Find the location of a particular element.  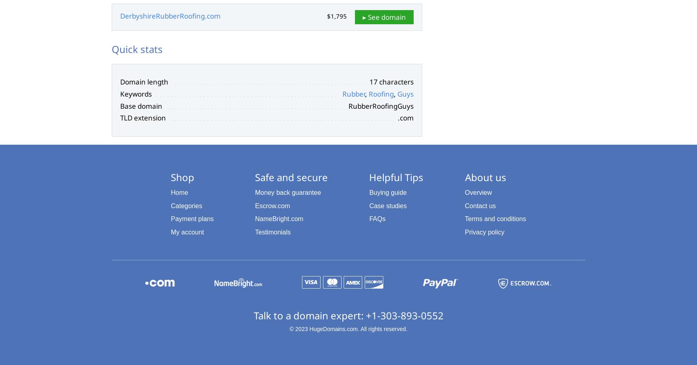

'Testimonials' is located at coordinates (272, 232).